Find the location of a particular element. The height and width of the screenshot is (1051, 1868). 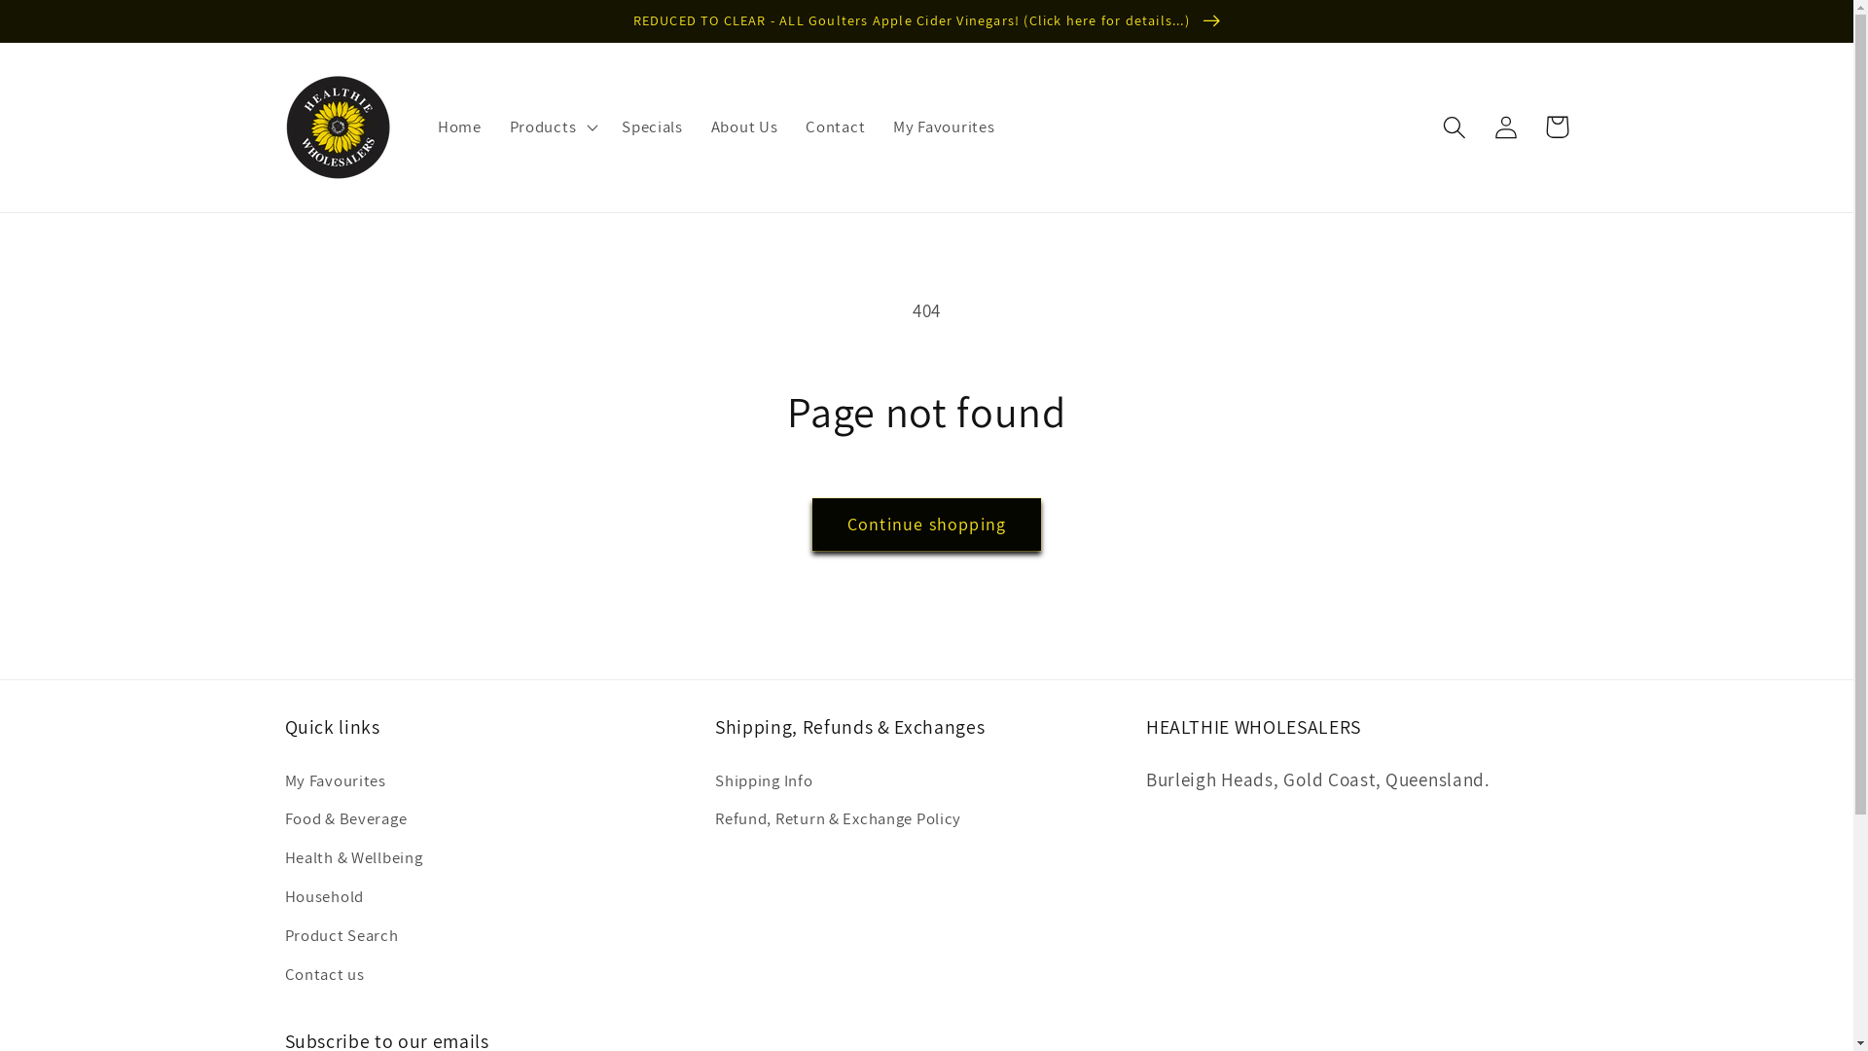

'Product Search' is located at coordinates (341, 934).